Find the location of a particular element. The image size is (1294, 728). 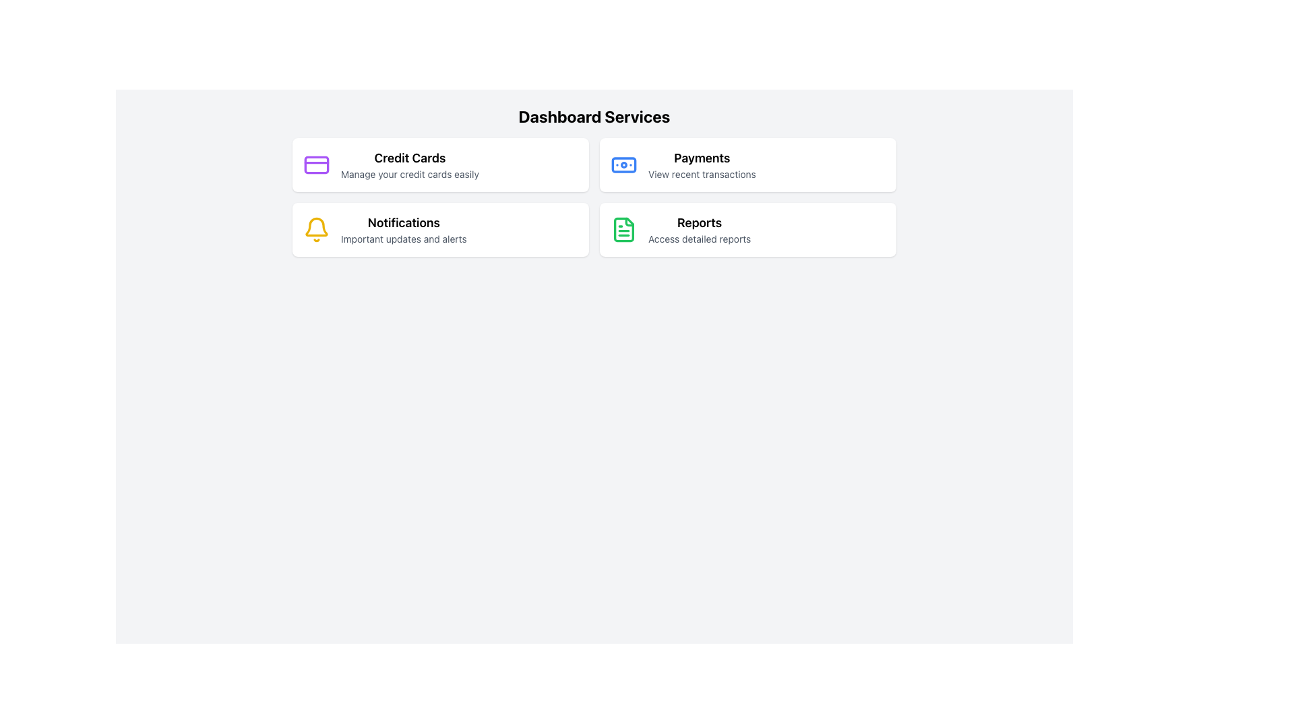

the informative text label located directly below the 'Payments' title in the top right quadrant of the dashboard is located at coordinates (701, 173).